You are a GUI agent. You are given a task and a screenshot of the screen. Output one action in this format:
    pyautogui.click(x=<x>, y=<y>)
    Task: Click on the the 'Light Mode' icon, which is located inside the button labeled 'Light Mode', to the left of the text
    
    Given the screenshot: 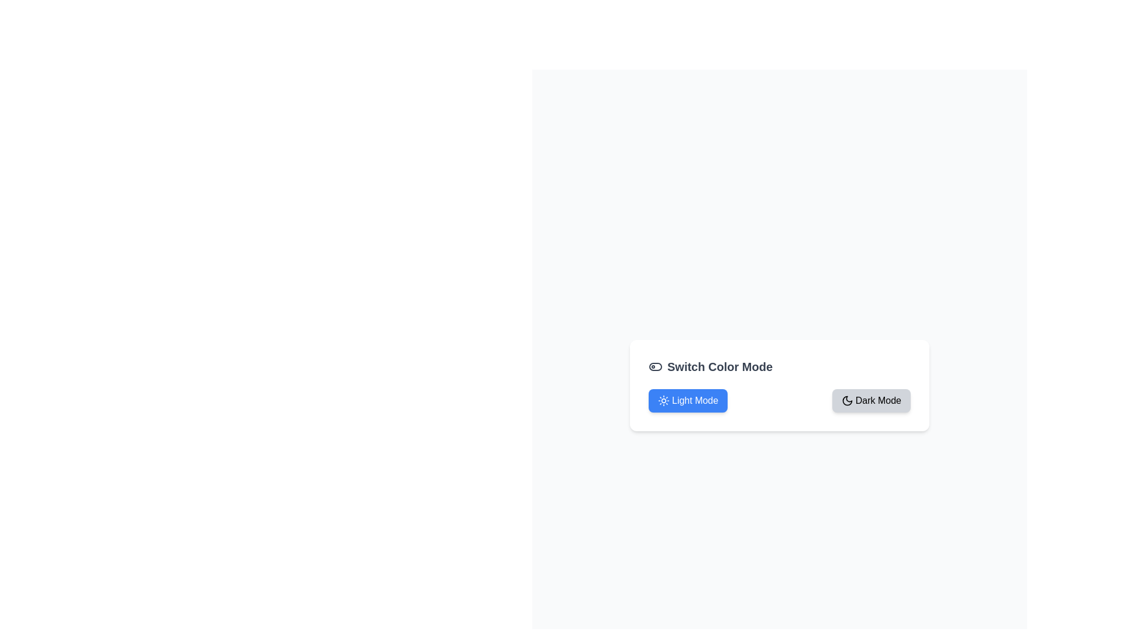 What is the action you would take?
    pyautogui.click(x=663, y=400)
    